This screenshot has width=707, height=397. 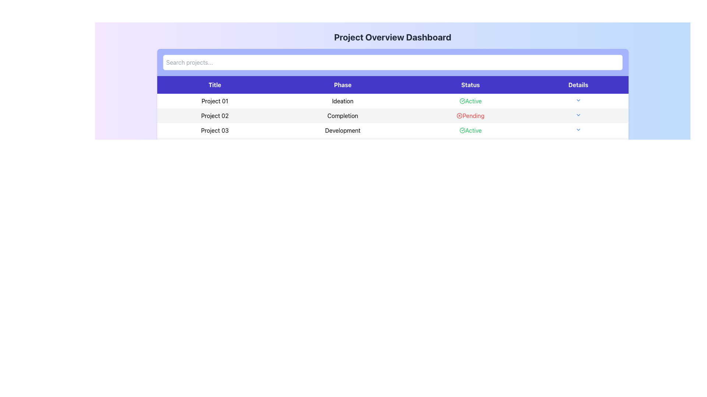 What do you see at coordinates (470, 130) in the screenshot?
I see `text on the 'Active' status label located in the third row under the 'Status' column for 'Project 03' in the 'Development' phase` at bounding box center [470, 130].